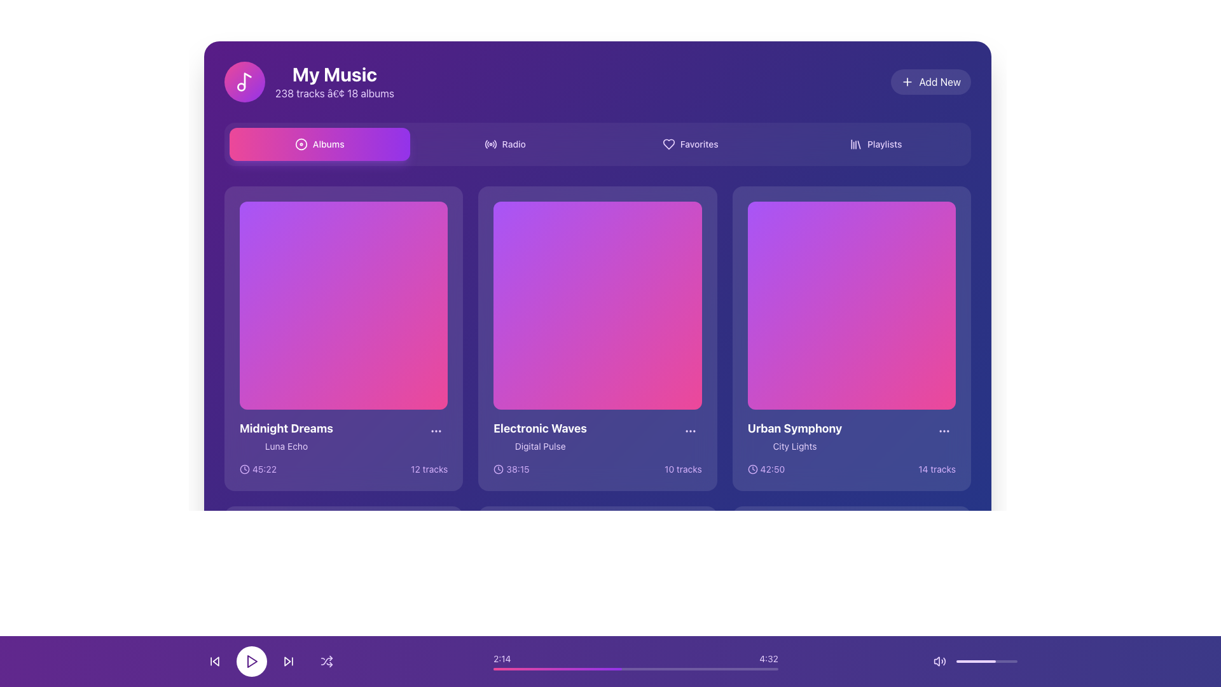 The image size is (1221, 687). I want to click on the static text element that serves as the title and subtitle for the first card in the music interface, located at the bottom-left corner of the card, so click(286, 436).